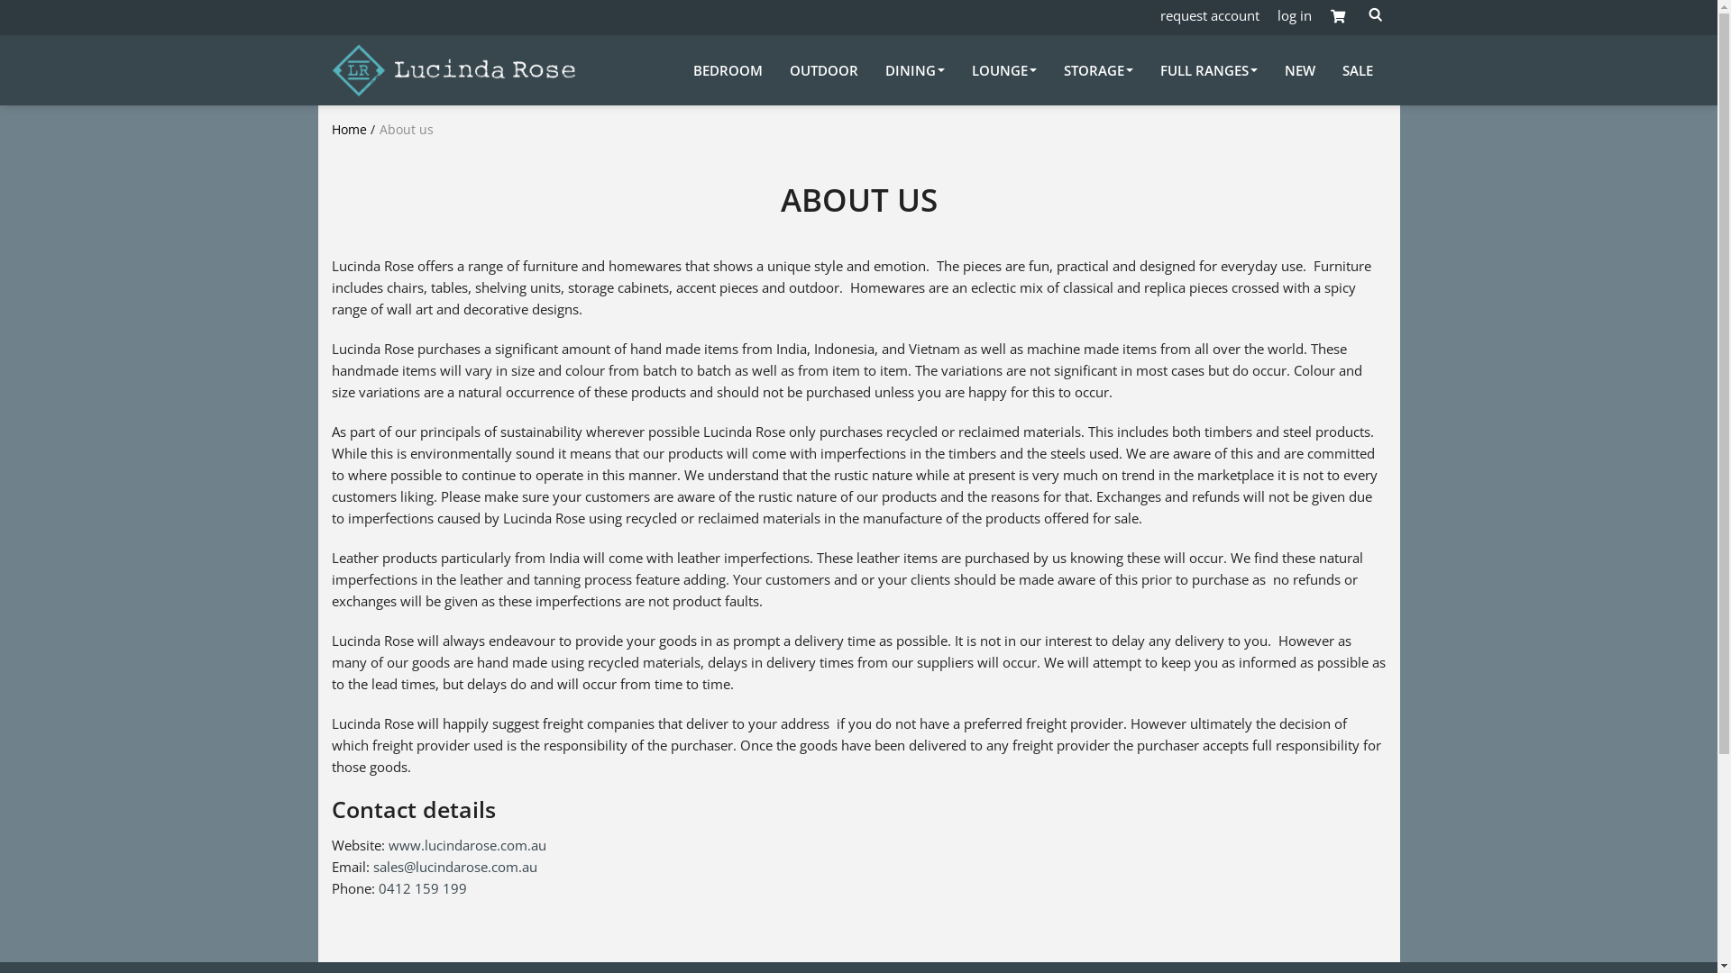 This screenshot has width=1731, height=973. I want to click on 'log in', so click(1293, 14).